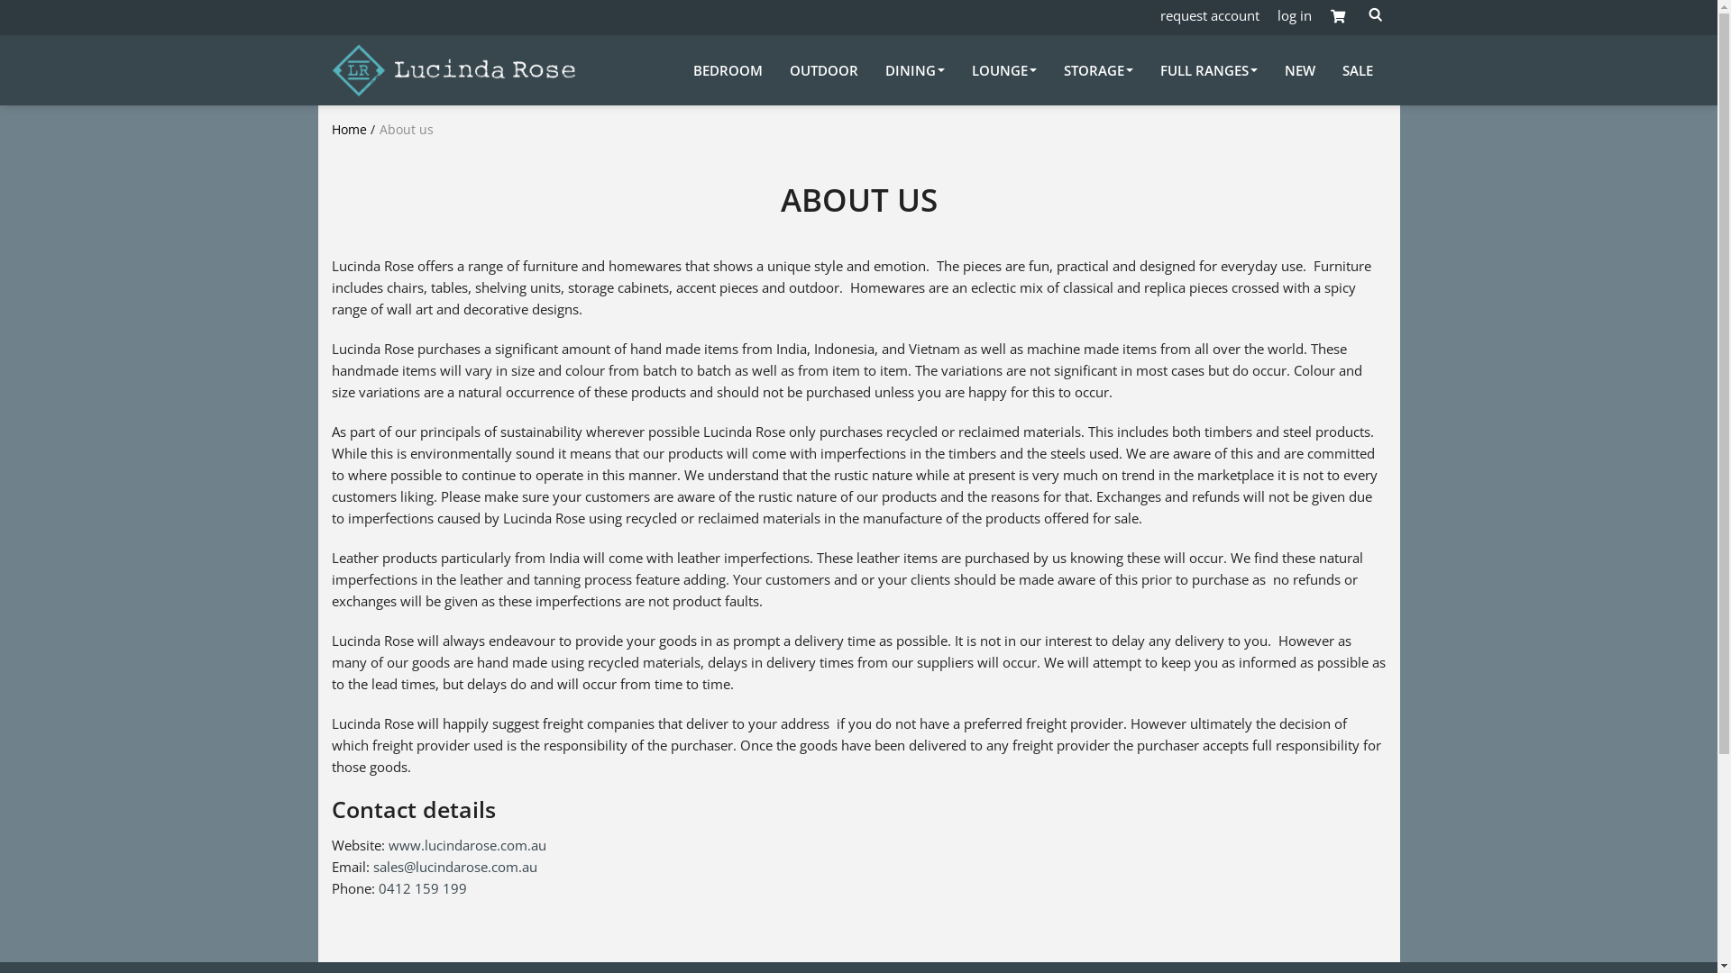 This screenshot has width=1731, height=973. I want to click on 'log in', so click(1293, 14).